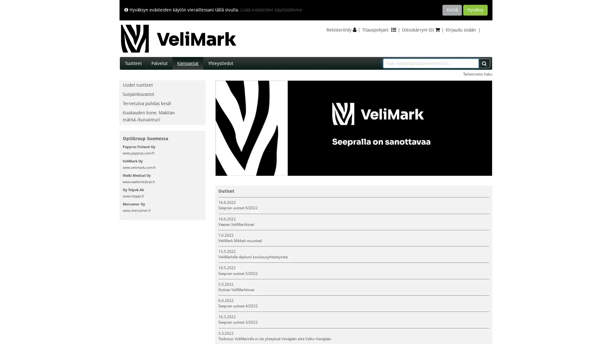 This screenshot has width=612, height=344. Describe the element at coordinates (475, 10) in the screenshot. I see `Hyvaksy` at that location.